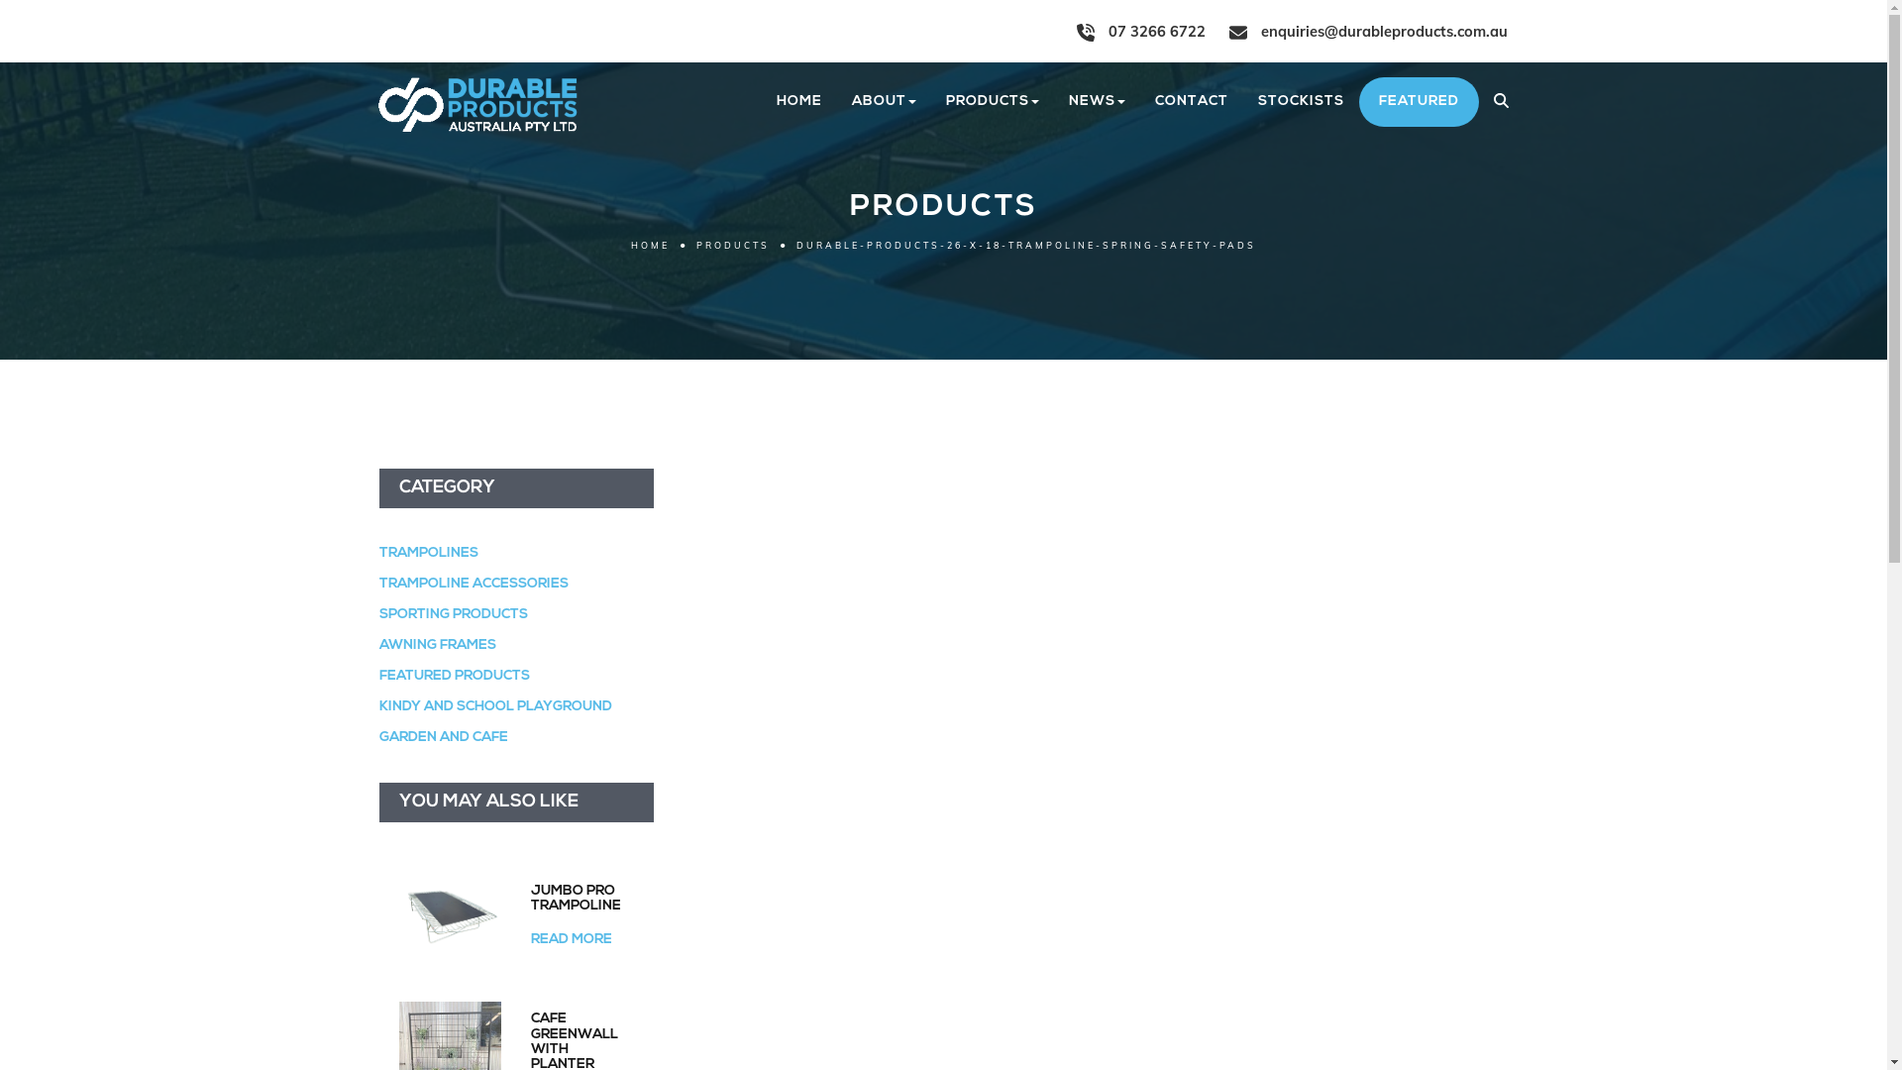 This screenshot has width=1902, height=1070. What do you see at coordinates (472, 583) in the screenshot?
I see `'TRAMPOLINE ACCESSORIES'` at bounding box center [472, 583].